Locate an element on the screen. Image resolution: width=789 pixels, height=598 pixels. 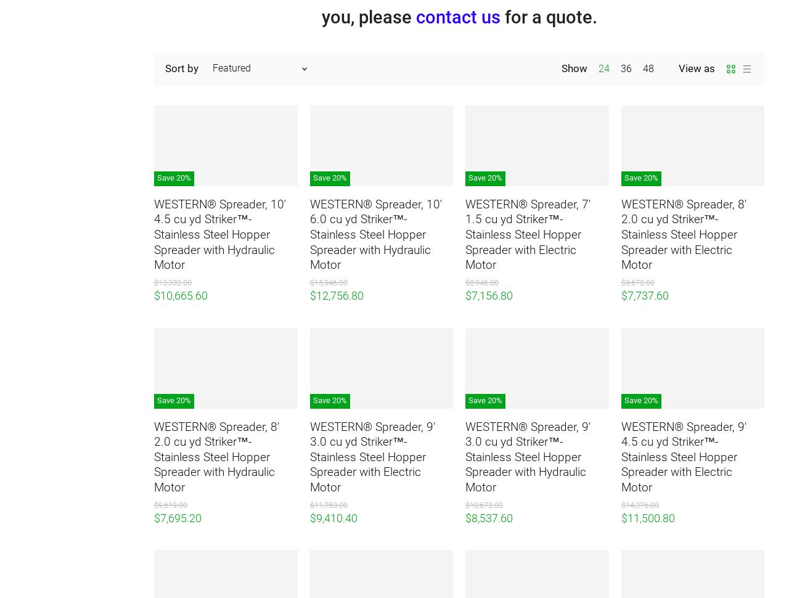
'$11,500.80' is located at coordinates (647, 517).